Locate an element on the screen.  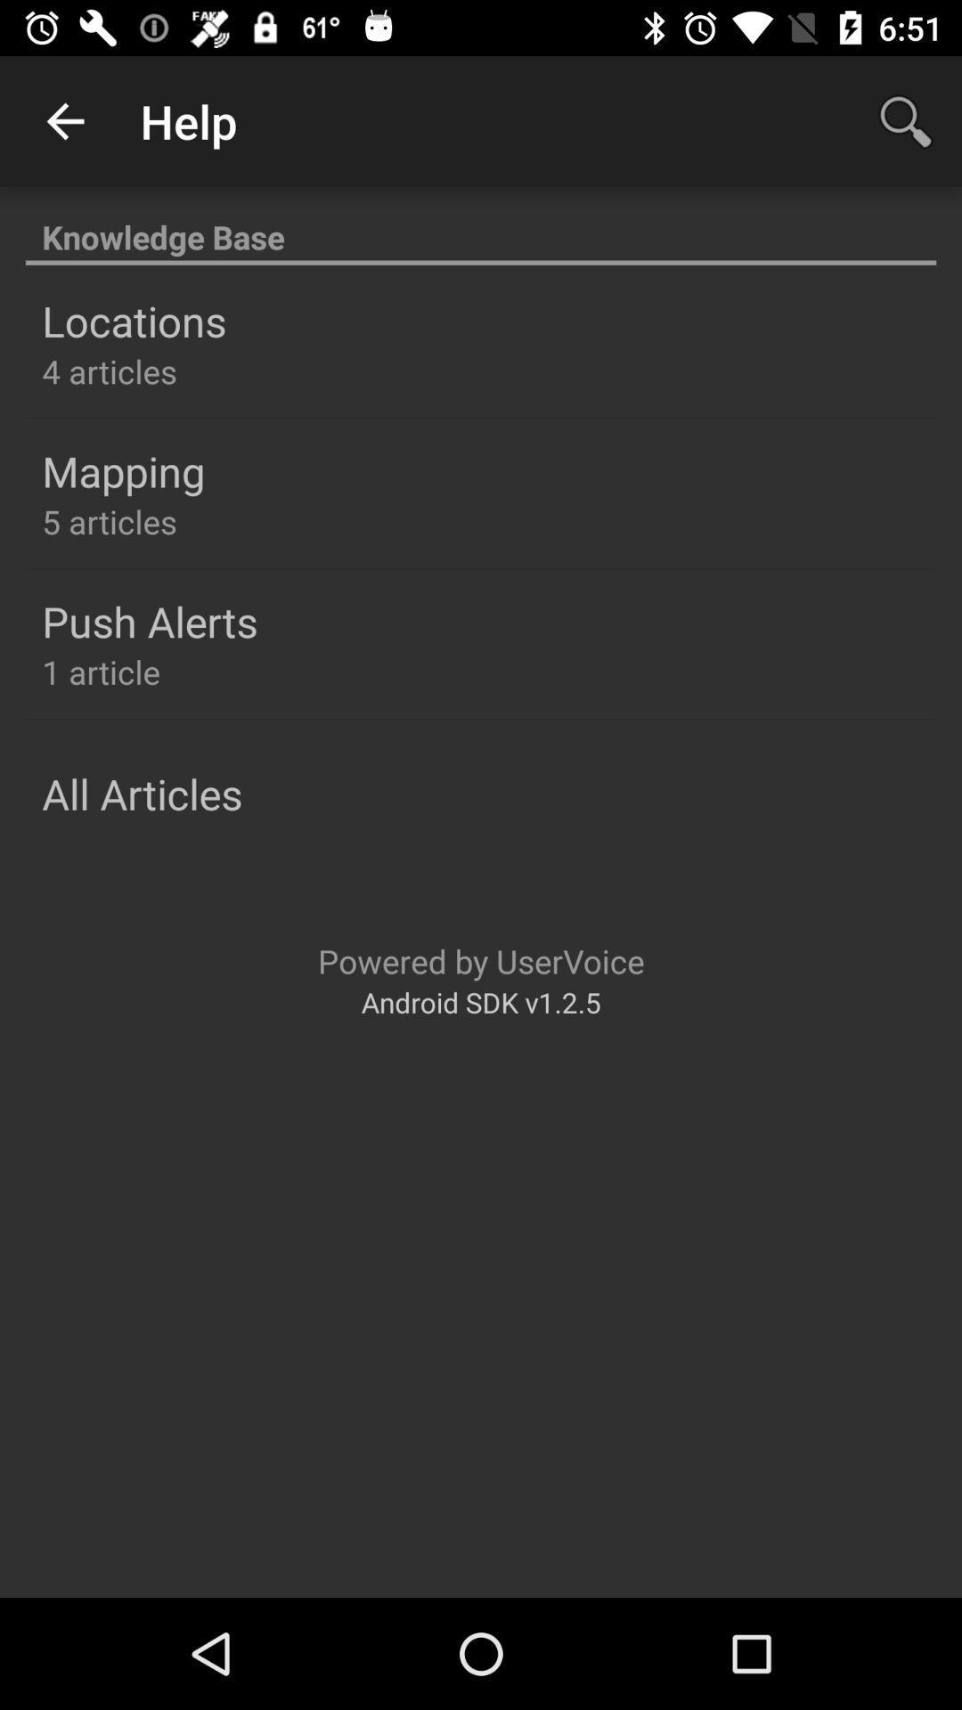
the icon below the knowledge base item is located at coordinates (133, 321).